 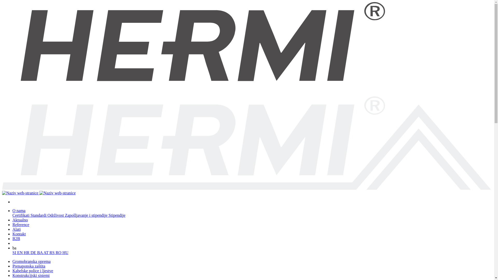 I want to click on 'Kontakt', so click(x=19, y=234).